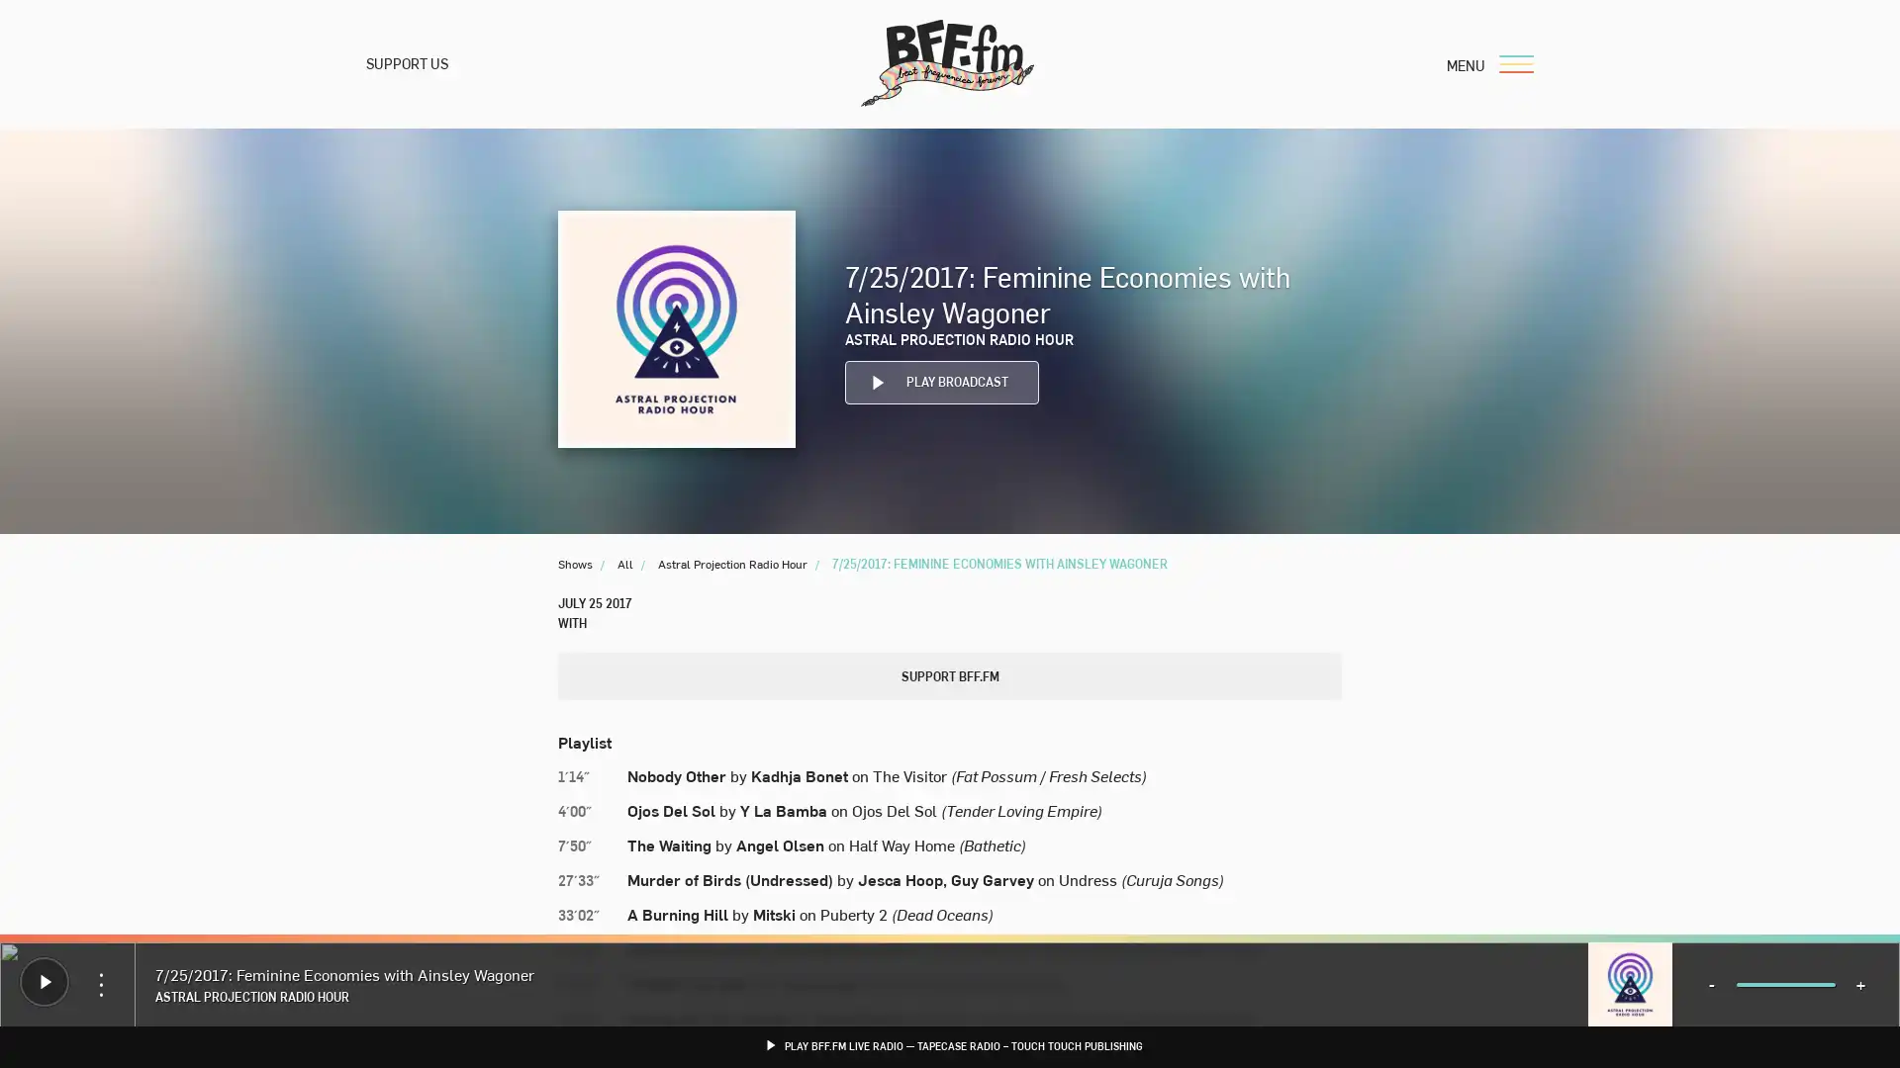  What do you see at coordinates (940, 382) in the screenshot?
I see `Play PLAY BROADCAST` at bounding box center [940, 382].